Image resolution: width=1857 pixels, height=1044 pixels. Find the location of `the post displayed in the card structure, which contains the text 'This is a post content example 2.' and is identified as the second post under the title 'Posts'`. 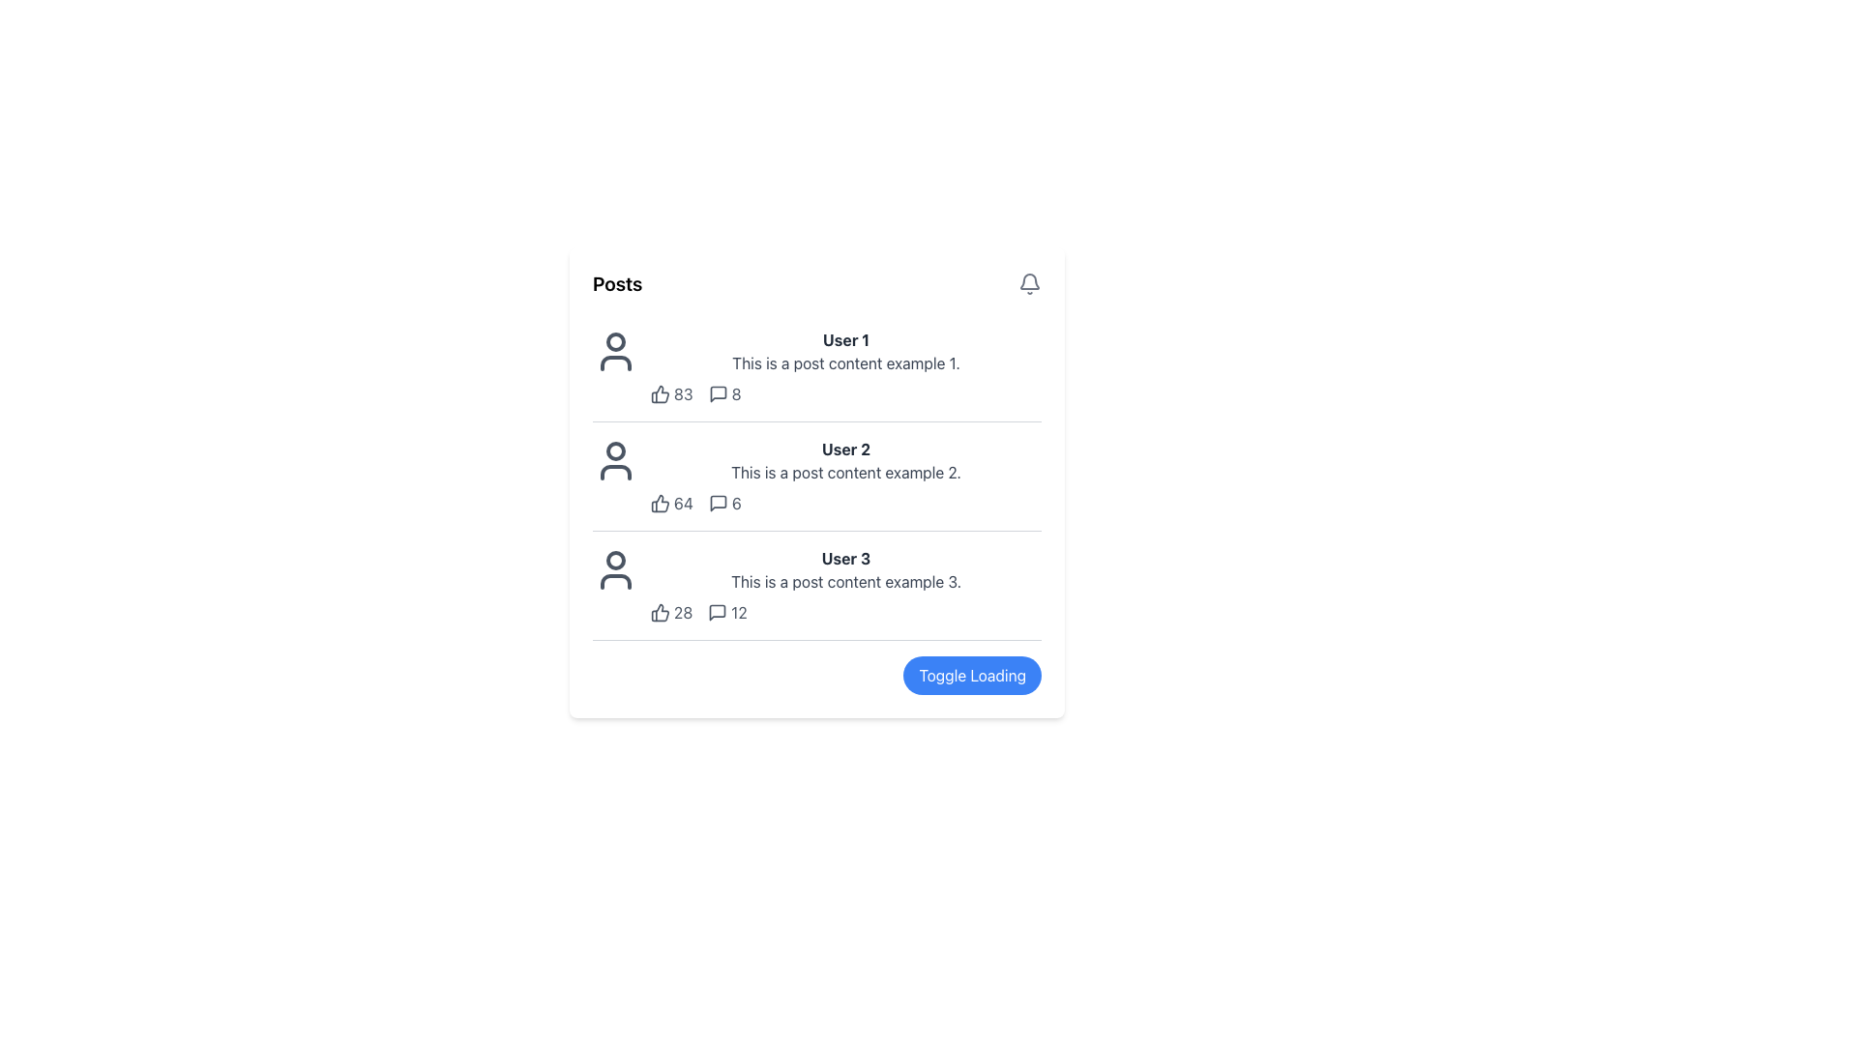

the post displayed in the card structure, which contains the text 'This is a post content example 2.' and is identified as the second post under the title 'Posts' is located at coordinates (816, 477).